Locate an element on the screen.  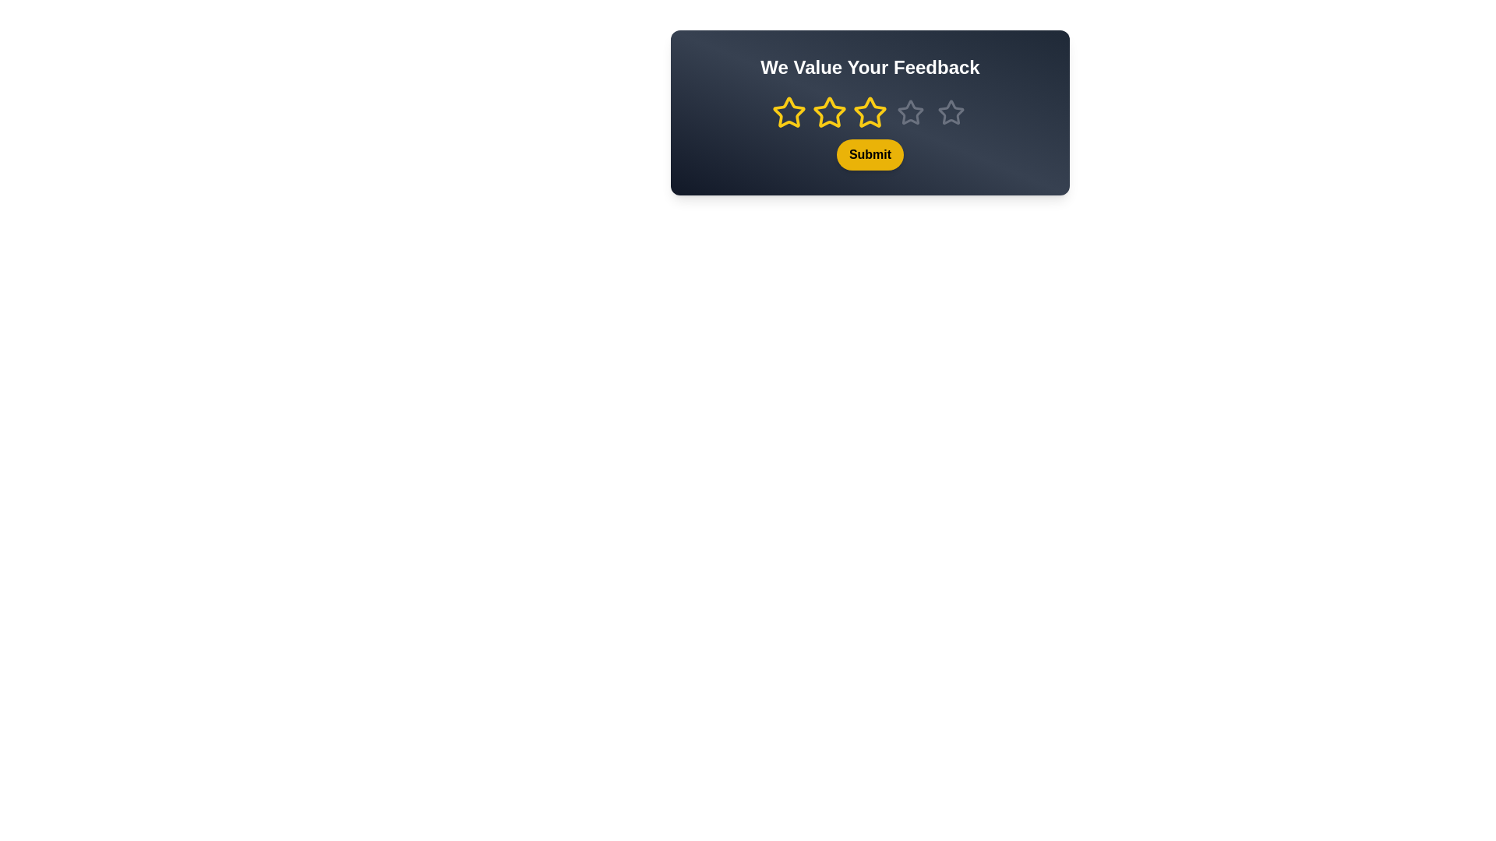
the third star icon in the rating system, which is outlined with a gray stroke and has no fill is located at coordinates (911, 111).